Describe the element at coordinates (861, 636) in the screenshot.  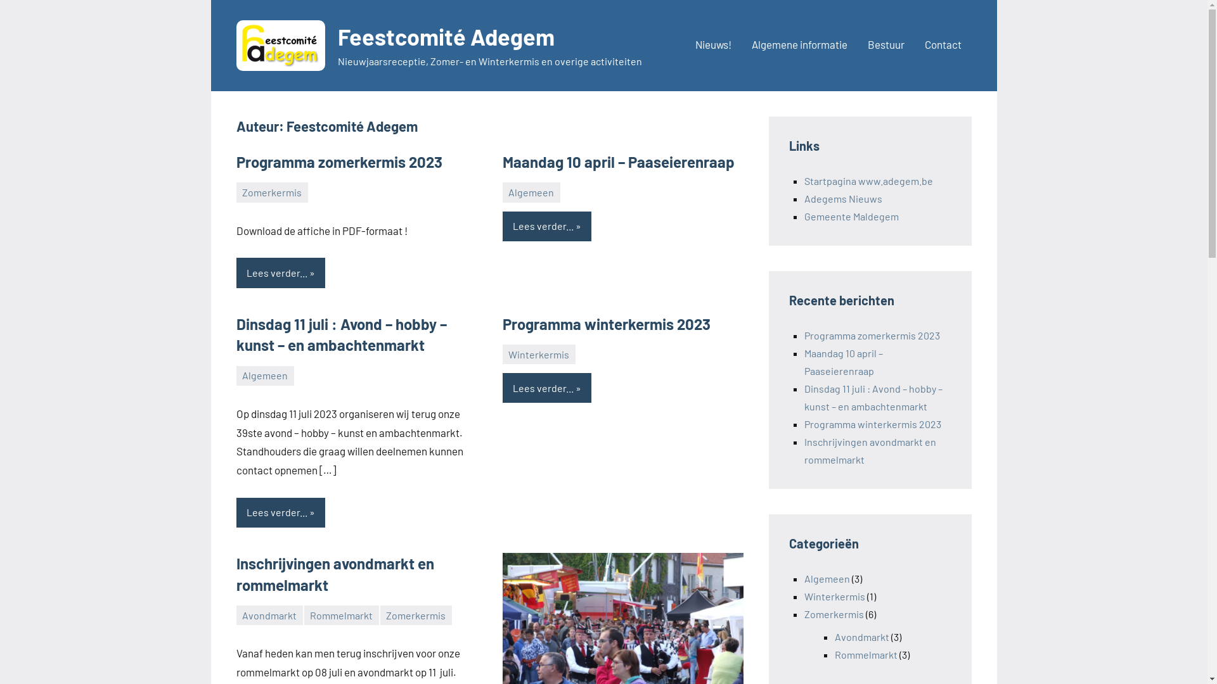
I see `'Avondmarkt'` at that location.